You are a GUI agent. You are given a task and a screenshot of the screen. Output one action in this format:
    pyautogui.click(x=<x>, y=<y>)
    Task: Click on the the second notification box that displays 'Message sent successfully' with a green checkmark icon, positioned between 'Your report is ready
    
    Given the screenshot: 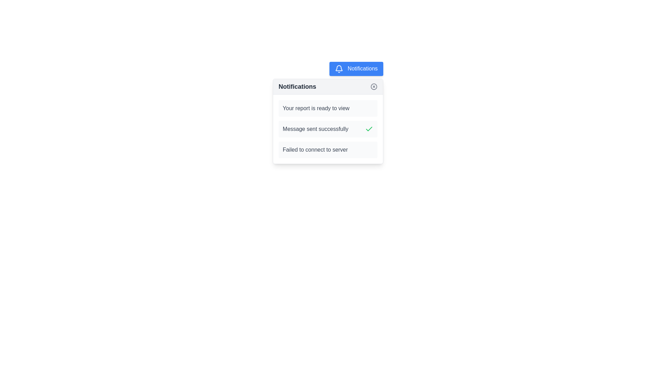 What is the action you would take?
    pyautogui.click(x=327, y=129)
    